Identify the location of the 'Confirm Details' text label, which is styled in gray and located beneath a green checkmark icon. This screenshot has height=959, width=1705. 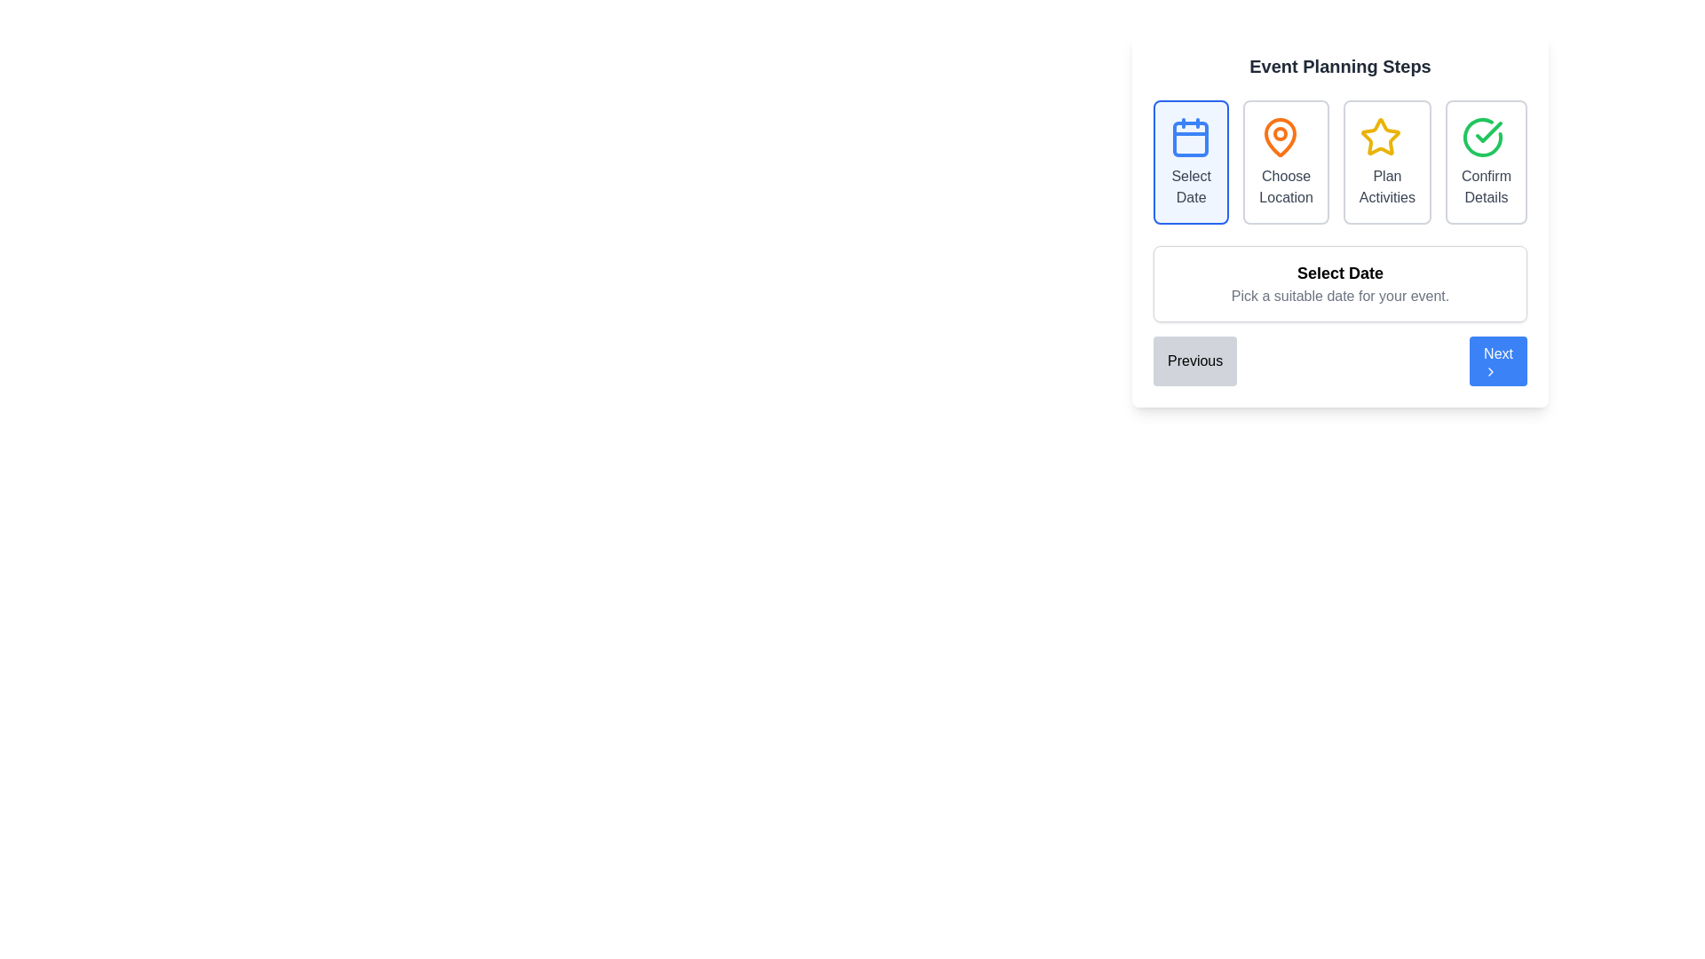
(1487, 187).